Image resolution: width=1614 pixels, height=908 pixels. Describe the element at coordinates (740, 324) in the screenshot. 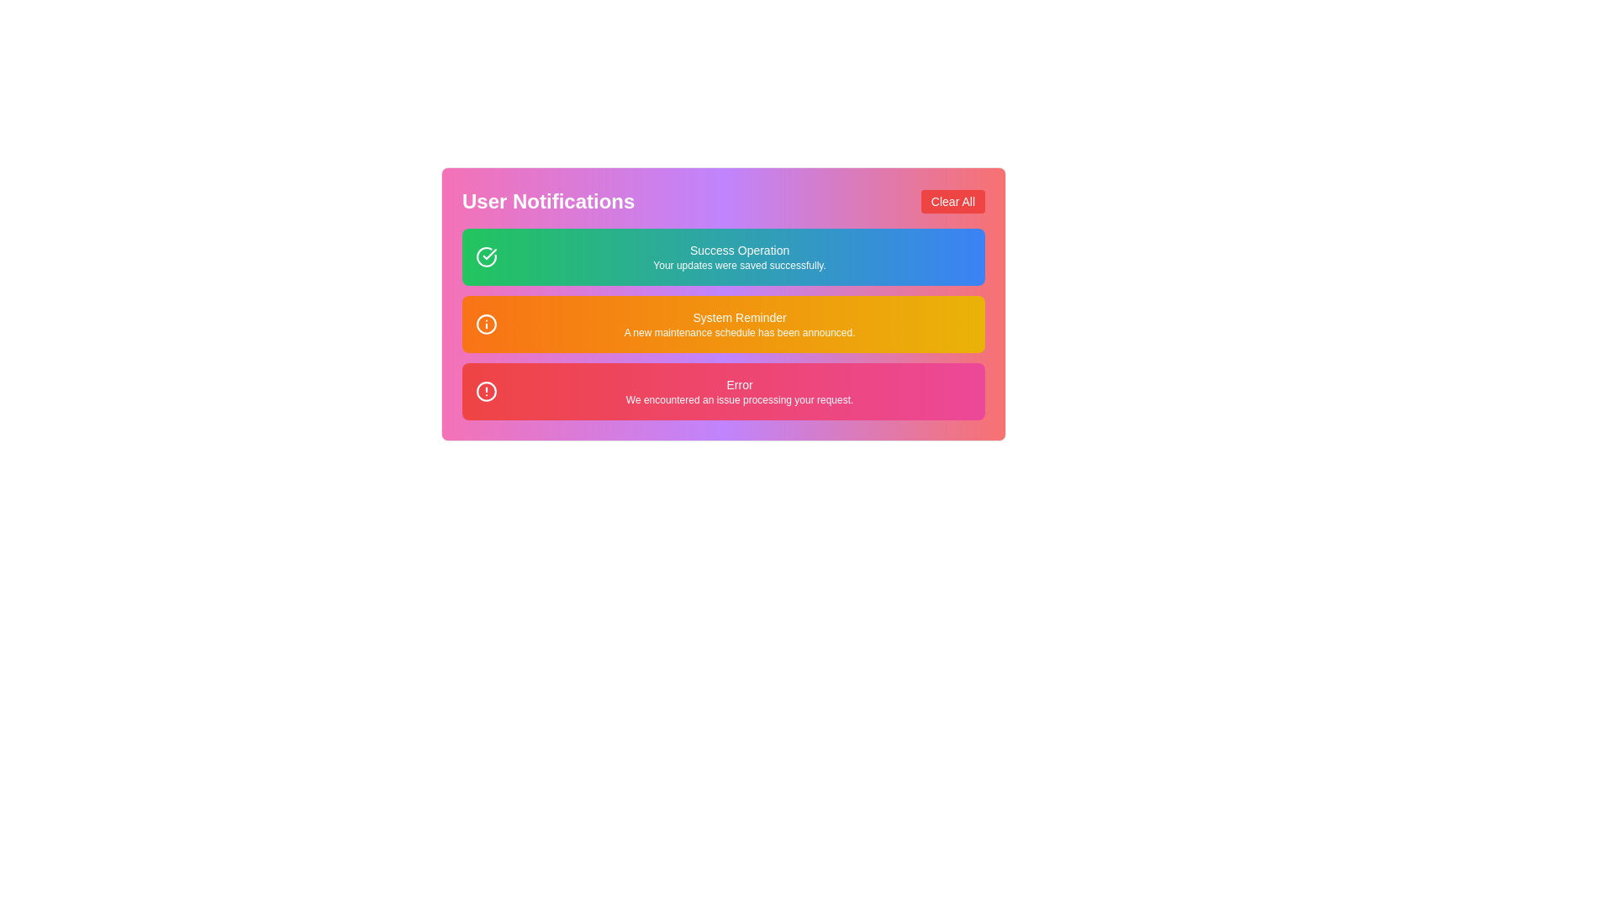

I see `the 'System Reminder' notification text block, which is styled in an orange-to-yellow gradient and contains two lines of text` at that location.